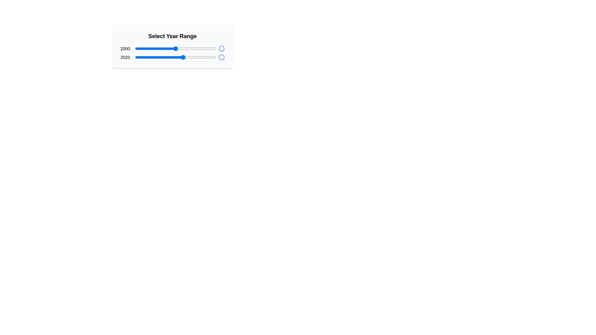 Image resolution: width=596 pixels, height=335 pixels. What do you see at coordinates (175, 57) in the screenshot?
I see `the blue circular knob of the second range slider (labeled '2020') to set its value` at bounding box center [175, 57].